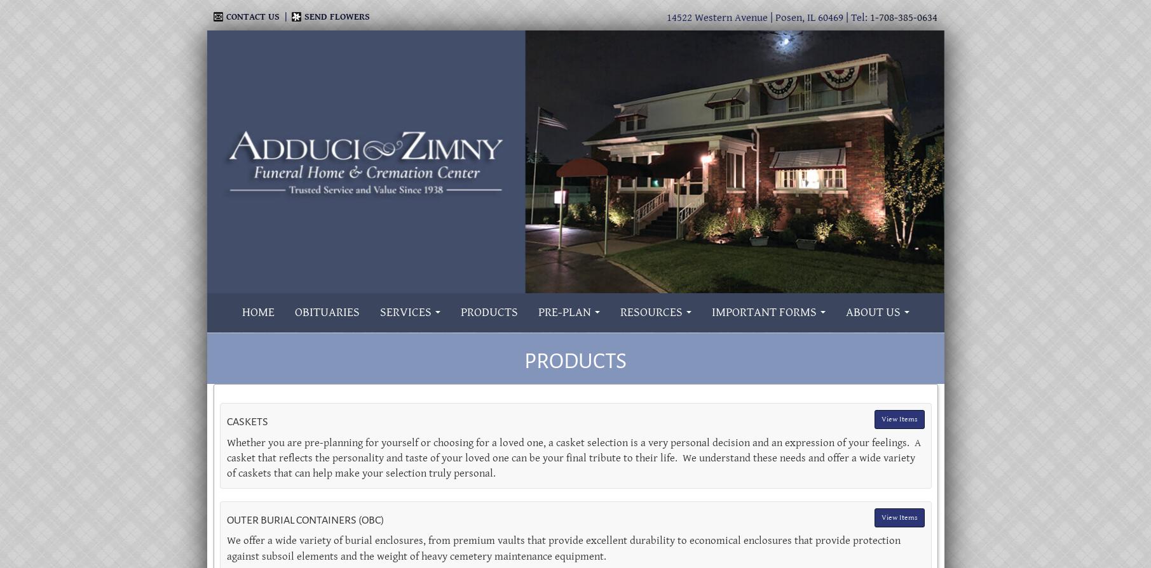 Image resolution: width=1151 pixels, height=568 pixels. What do you see at coordinates (789, 18) in the screenshot?
I see `'Posen'` at bounding box center [789, 18].